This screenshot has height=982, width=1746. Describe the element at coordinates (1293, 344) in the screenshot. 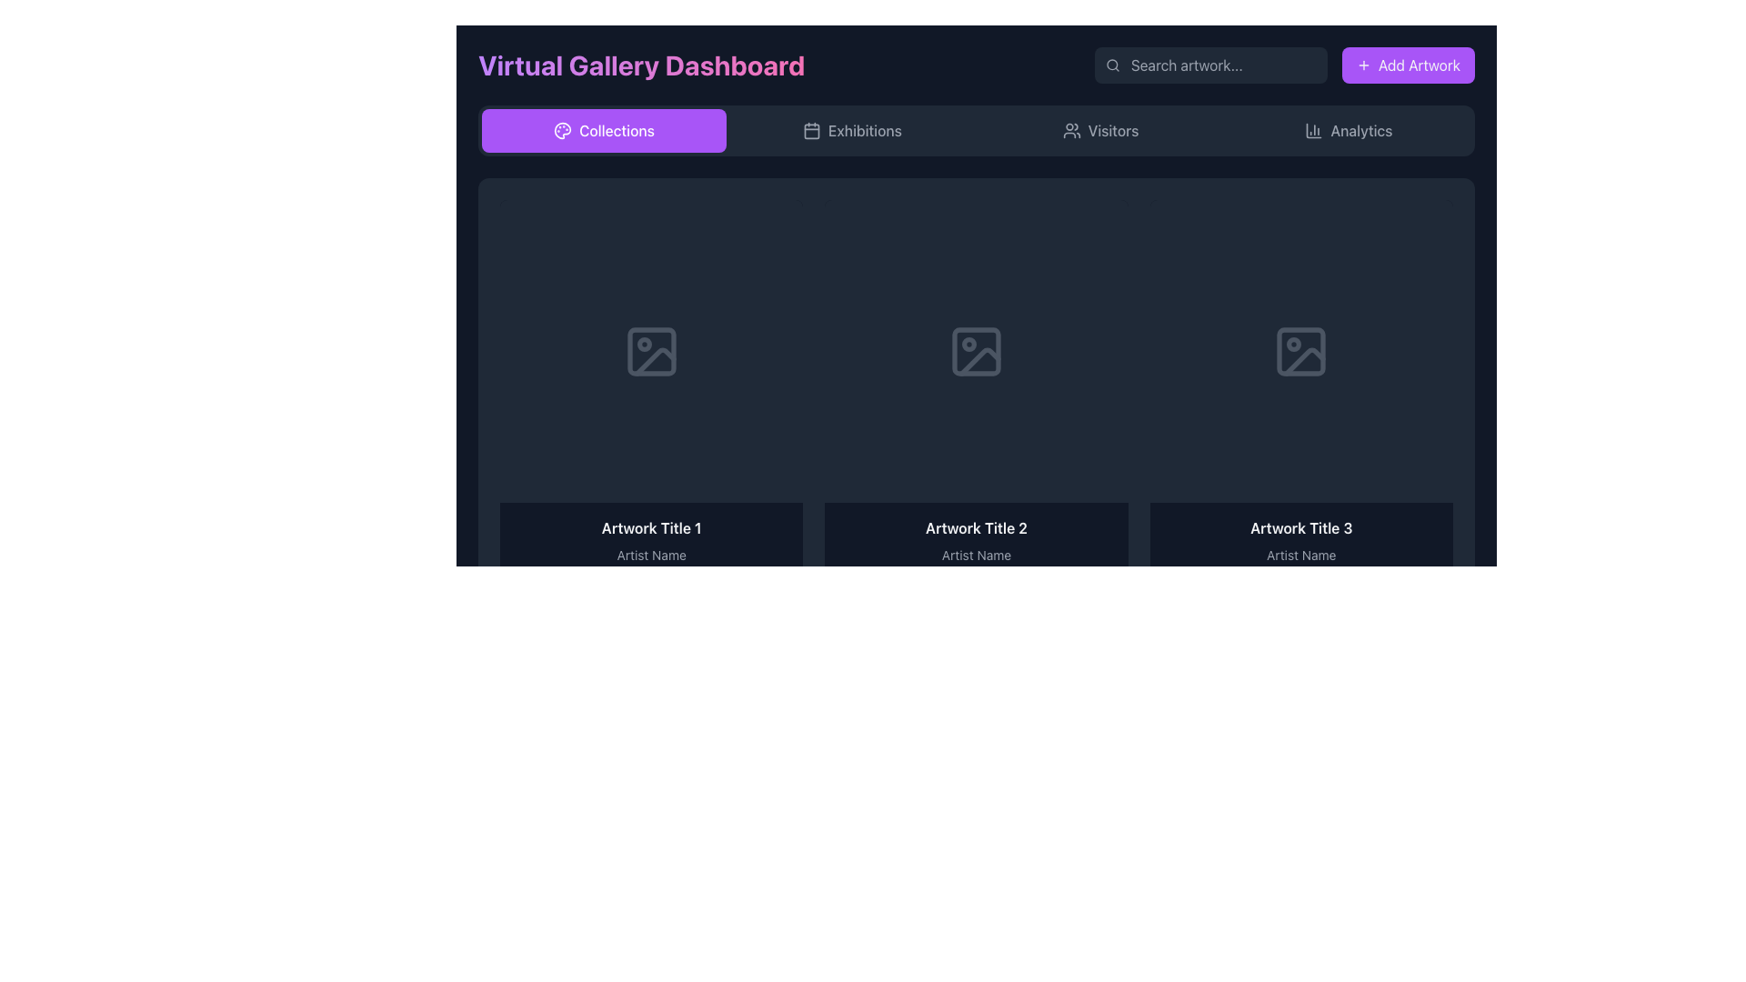

I see `the decorative icon component located at the top-right corner of the third artwork card in the gallery interface` at that location.